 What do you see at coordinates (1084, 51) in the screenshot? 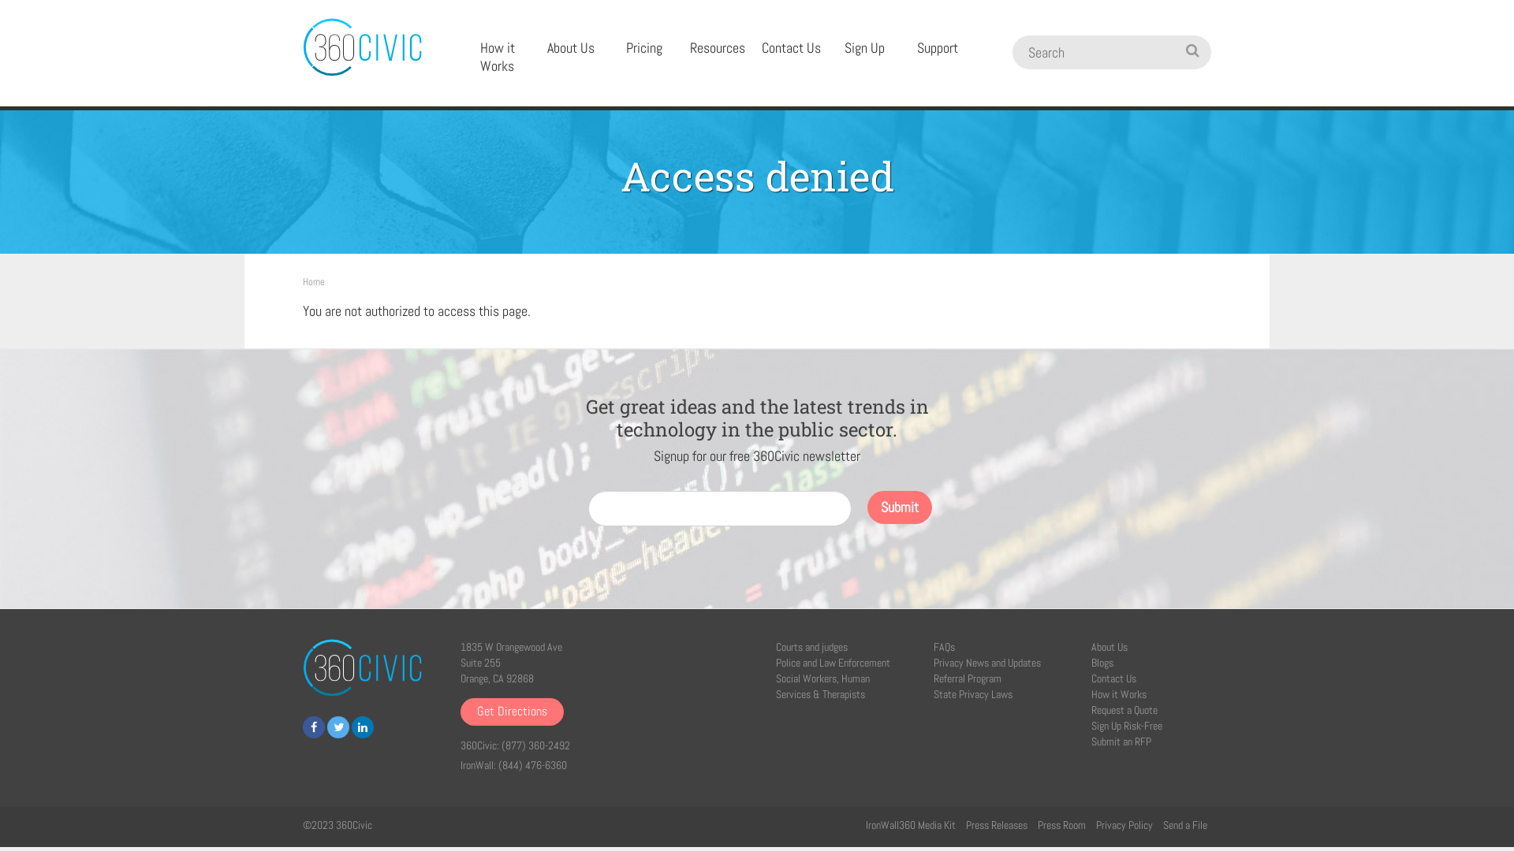
I see `'Search'` at bounding box center [1084, 51].